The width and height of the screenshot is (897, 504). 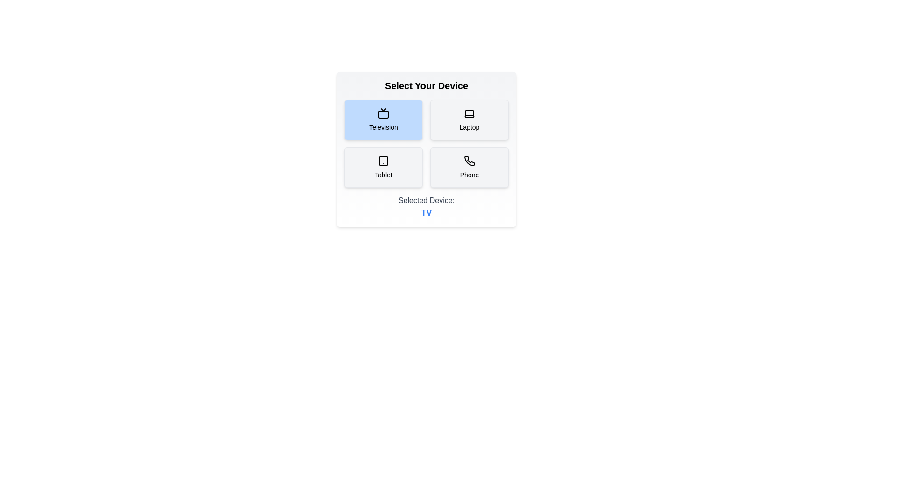 What do you see at coordinates (469, 167) in the screenshot?
I see `the button corresponding to Phone to select it` at bounding box center [469, 167].